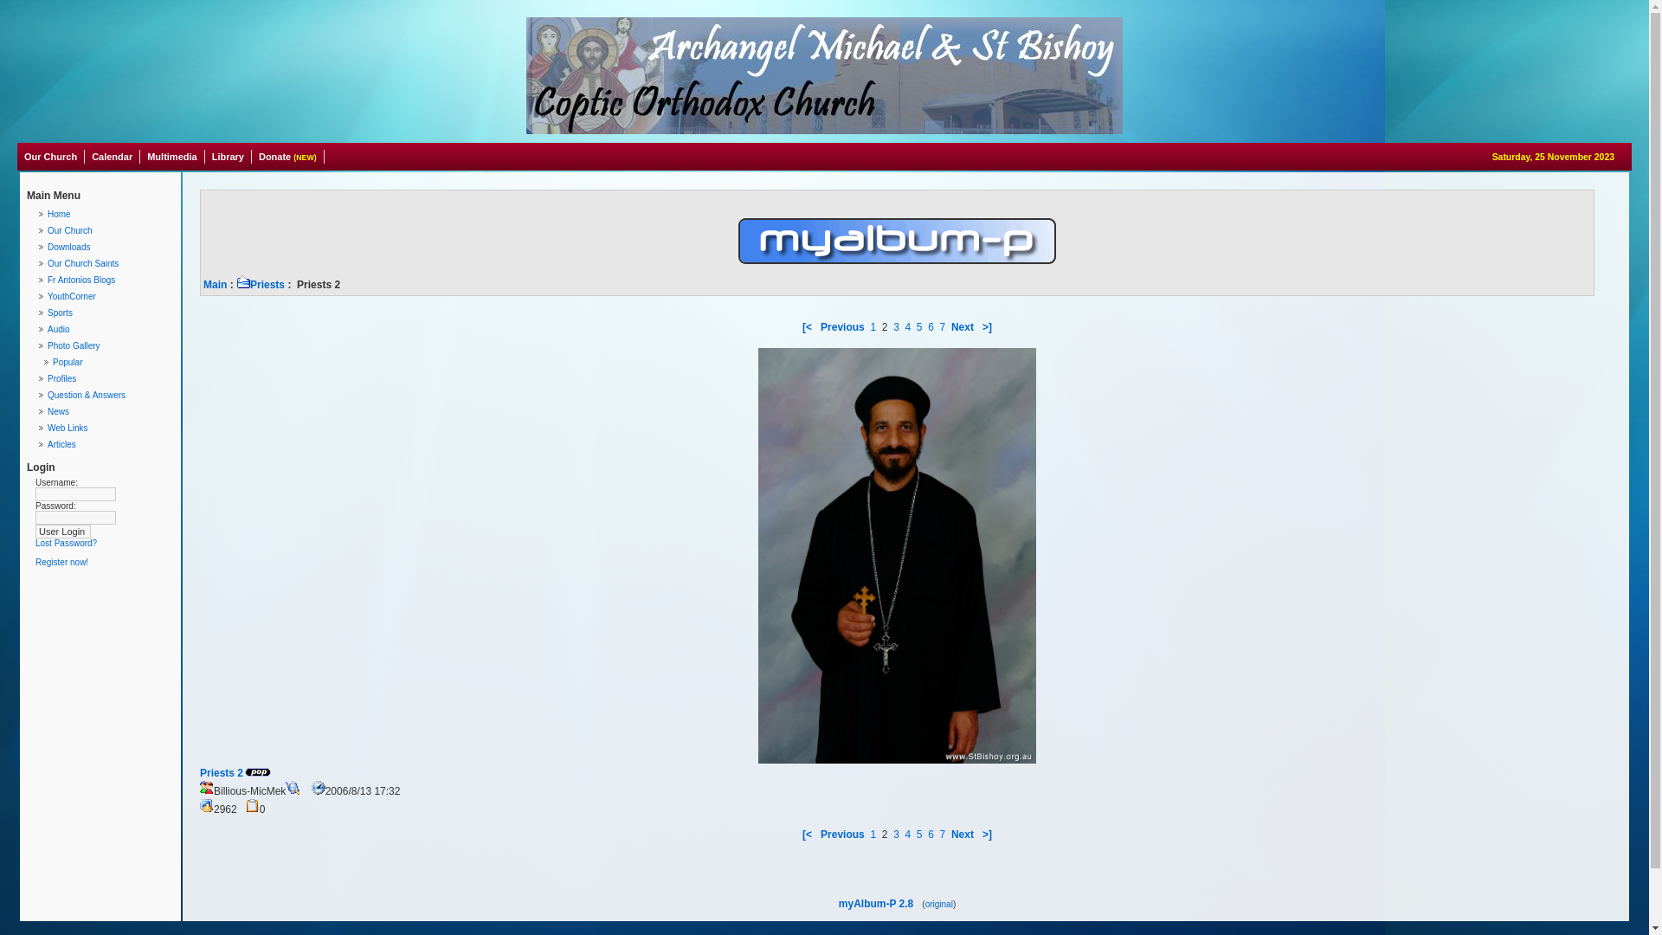  Describe the element at coordinates (930, 327) in the screenshot. I see `'6'` at that location.